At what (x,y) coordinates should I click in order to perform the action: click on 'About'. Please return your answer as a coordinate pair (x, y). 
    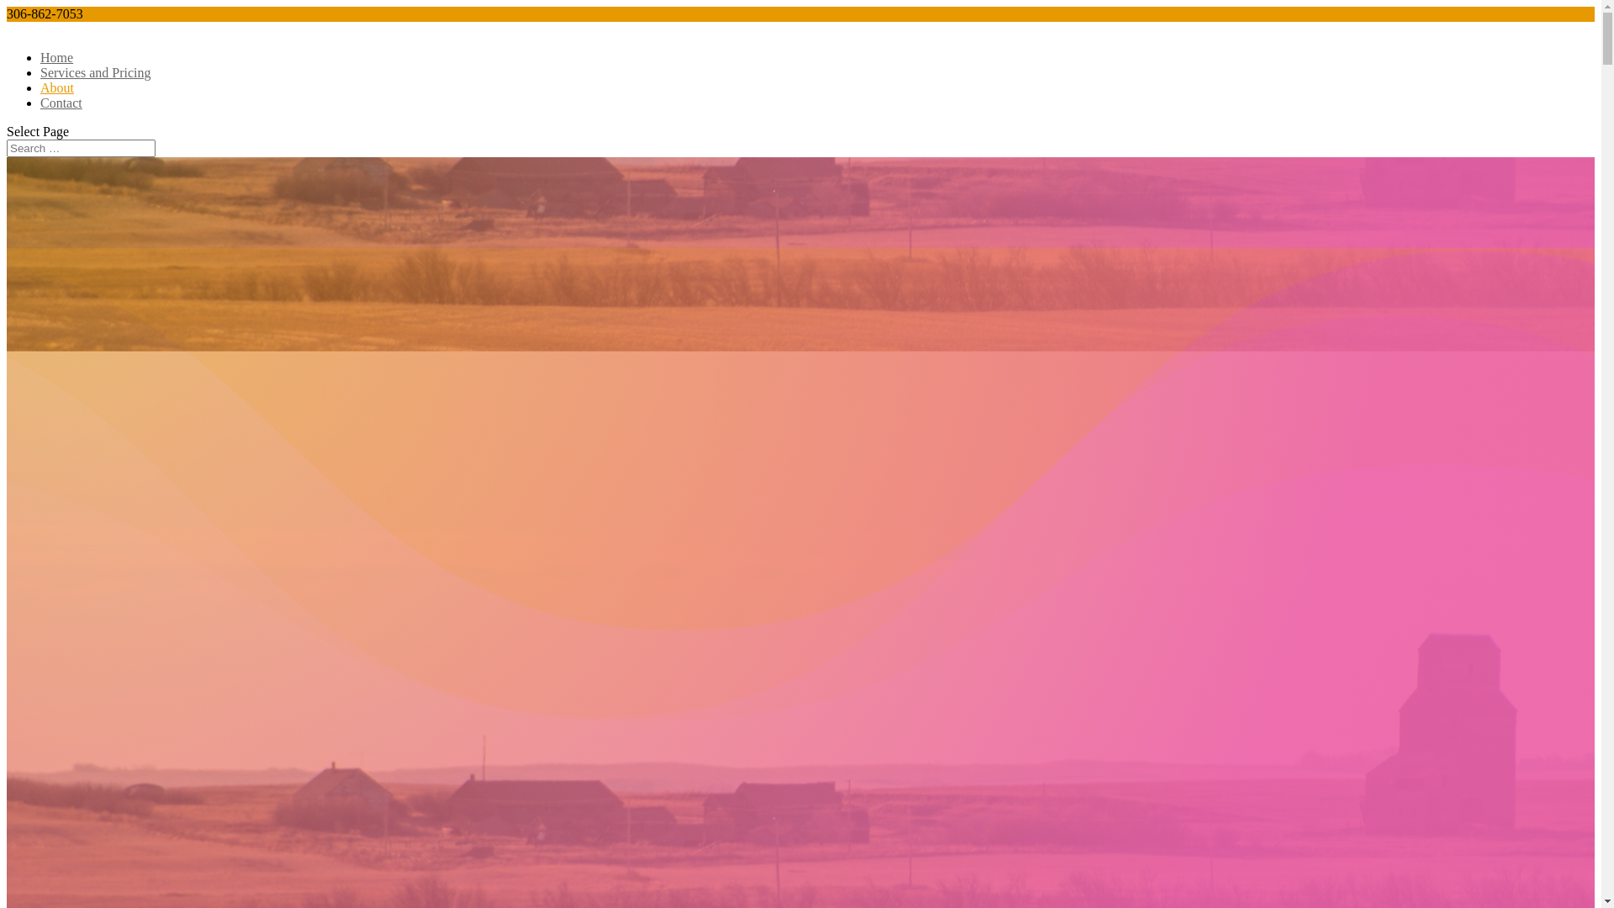
    Looking at the image, I should click on (56, 87).